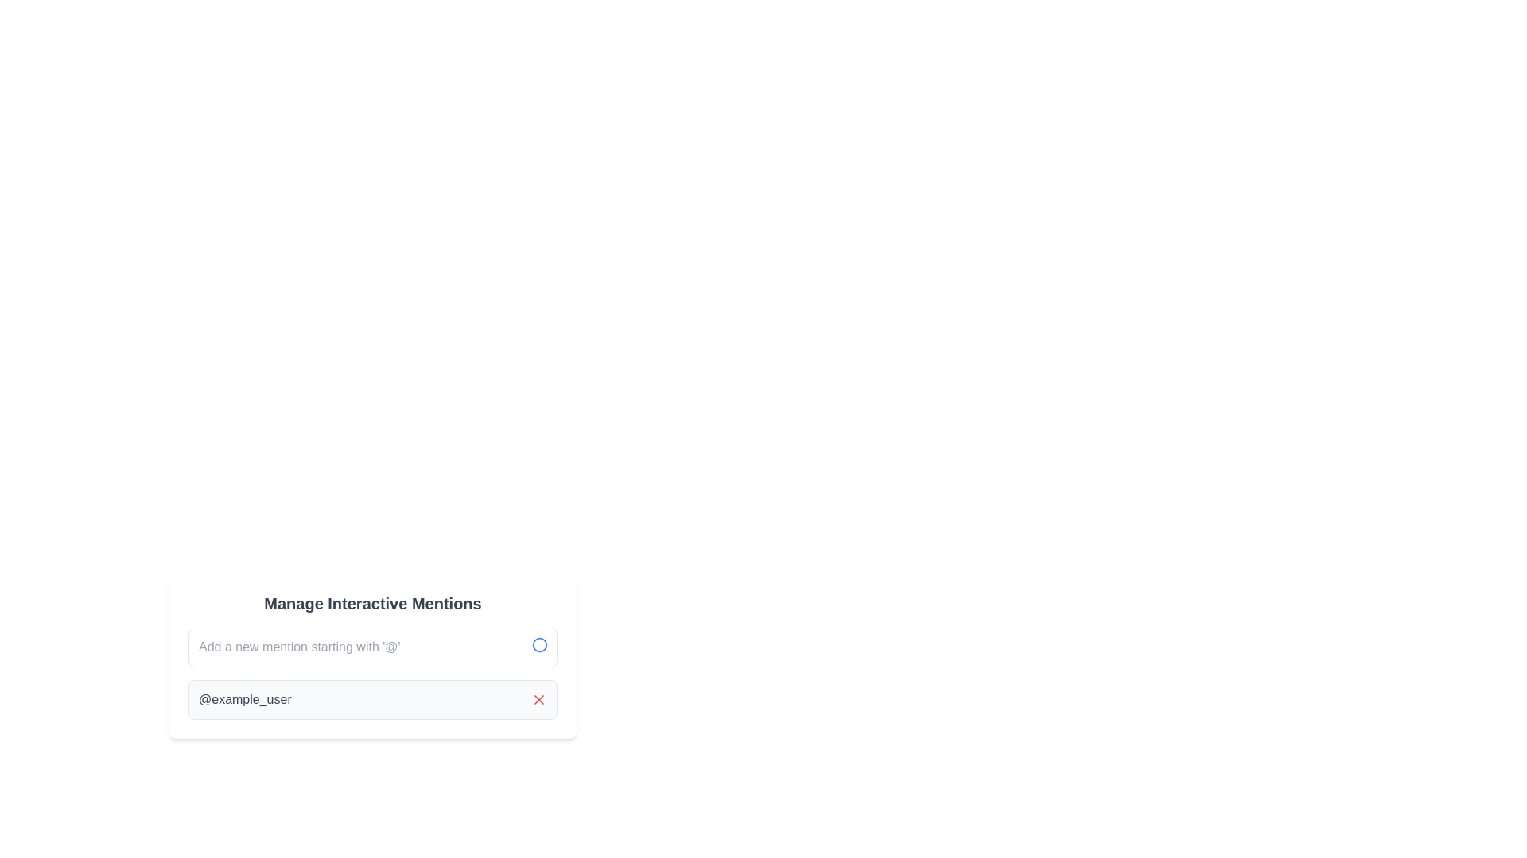 The width and height of the screenshot is (1527, 858). What do you see at coordinates (539, 645) in the screenshot?
I see `the circle element within the SVG graphic, which is styled with a thin stroke outline and no fill, positioned at the top-right corner of the 'Manage Interactive Mentions' modal` at bounding box center [539, 645].